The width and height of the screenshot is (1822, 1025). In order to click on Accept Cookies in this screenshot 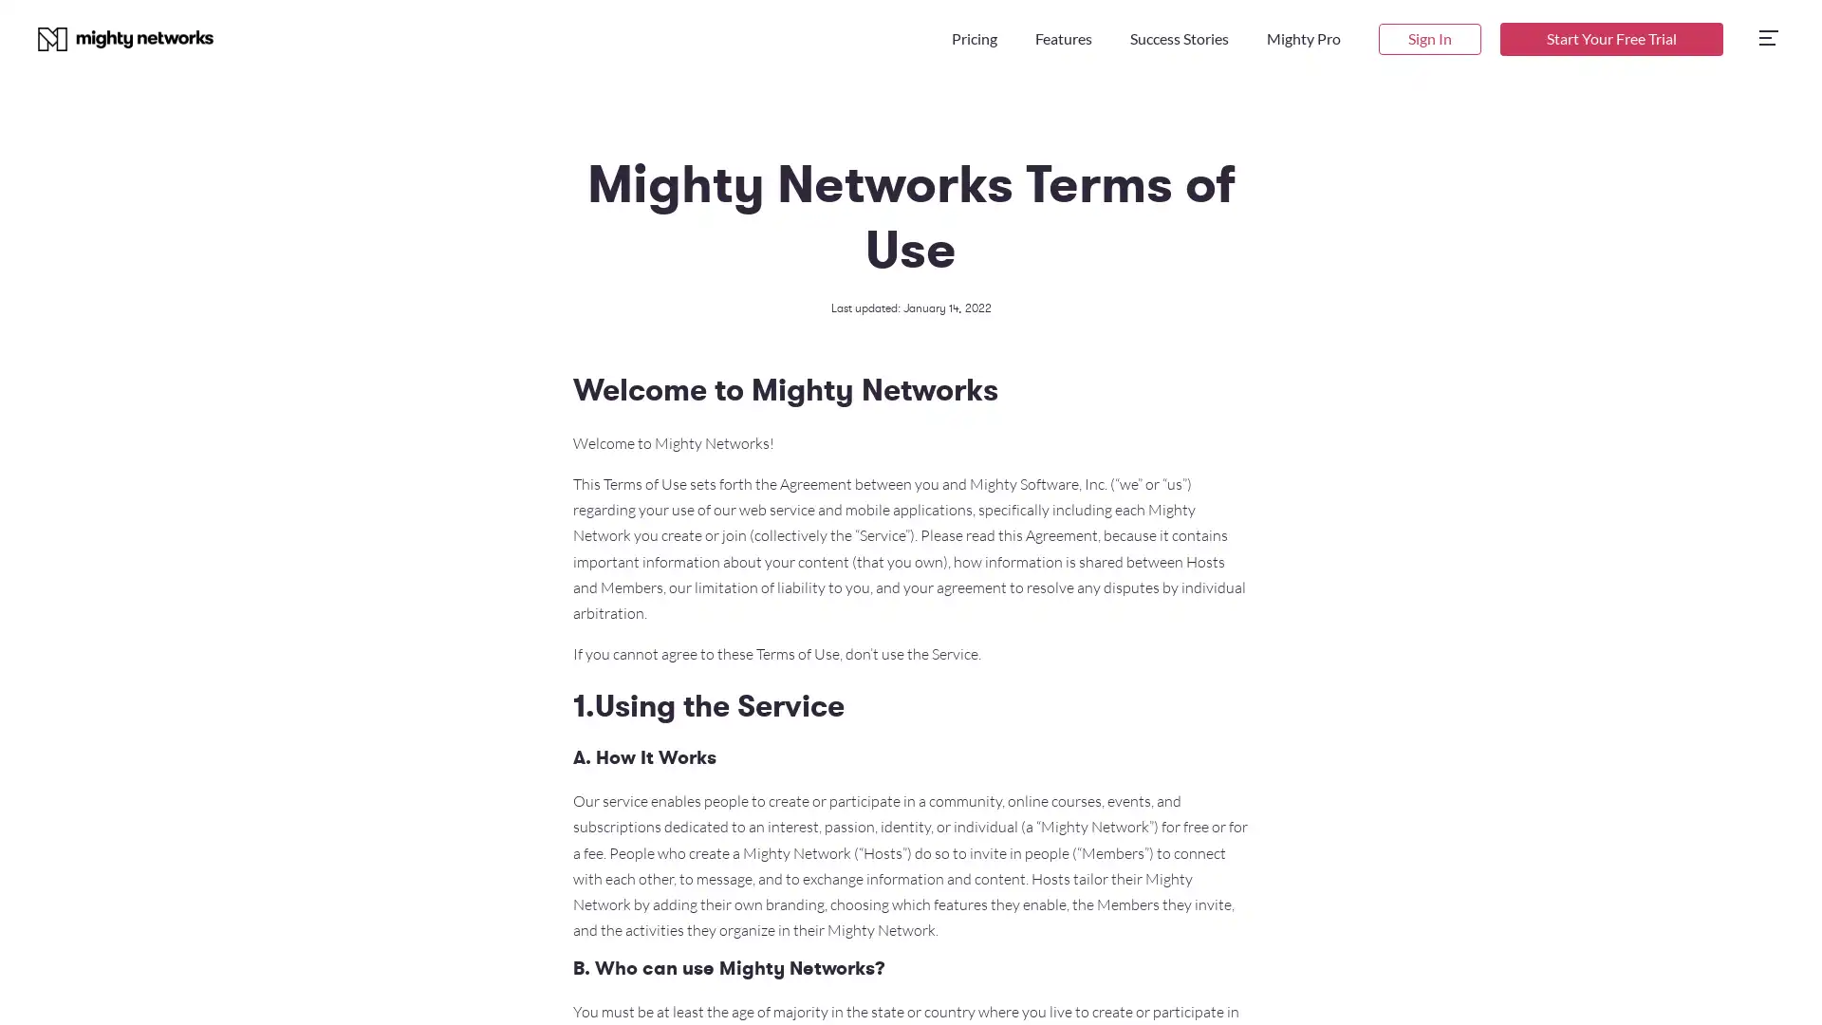, I will do `click(1507, 983)`.